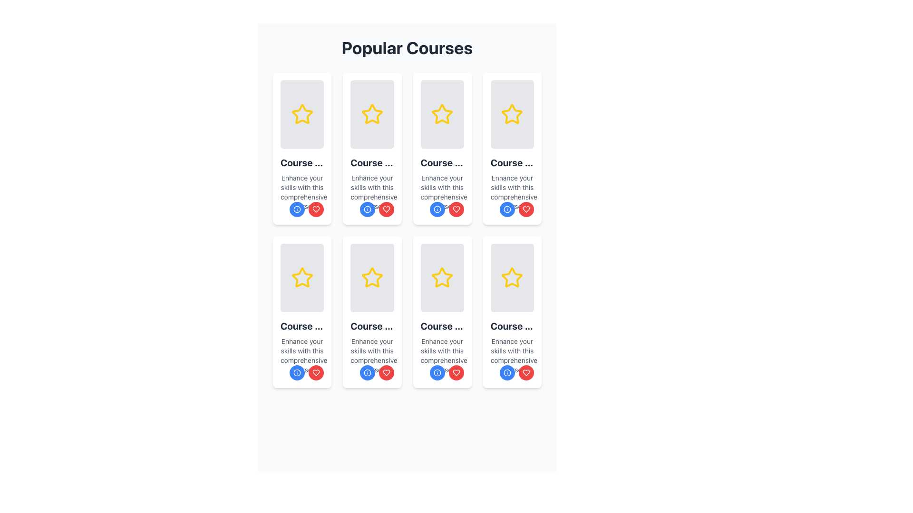 This screenshot has width=913, height=513. What do you see at coordinates (316, 372) in the screenshot?
I see `the red heart-shaped icon in the 'Popular Courses' section` at bounding box center [316, 372].